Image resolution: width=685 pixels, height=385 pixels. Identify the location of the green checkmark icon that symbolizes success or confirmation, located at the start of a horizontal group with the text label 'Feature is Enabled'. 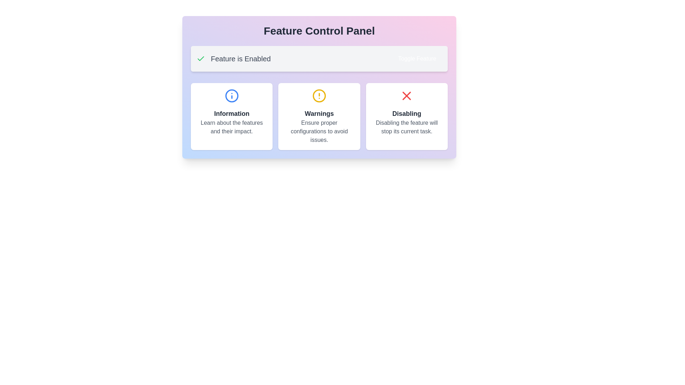
(200, 58).